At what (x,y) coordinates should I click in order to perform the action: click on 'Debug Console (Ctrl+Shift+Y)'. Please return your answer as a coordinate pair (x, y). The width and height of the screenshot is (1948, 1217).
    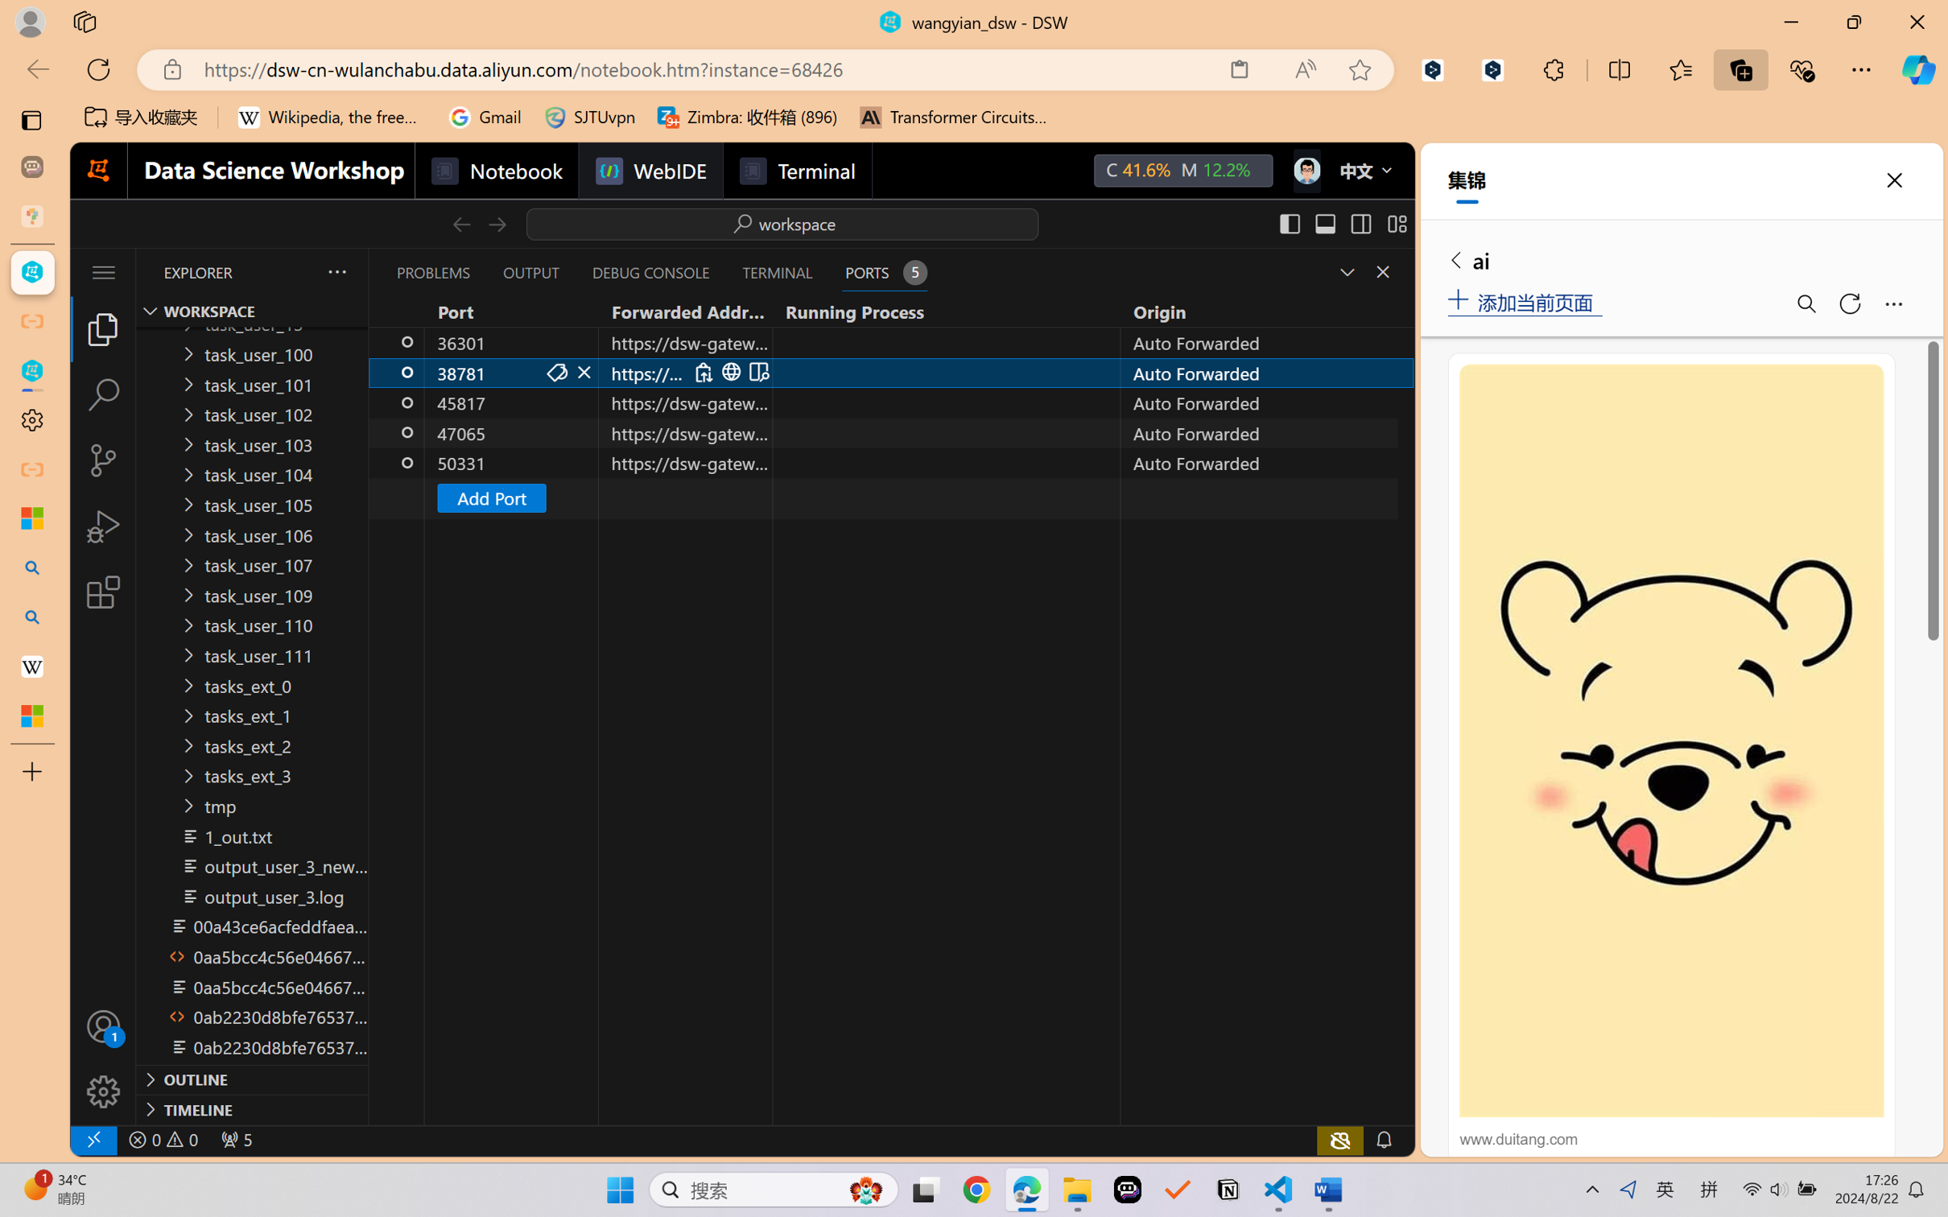
    Looking at the image, I should click on (650, 271).